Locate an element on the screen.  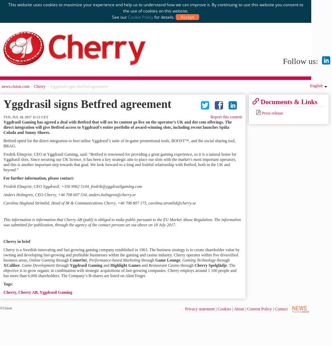
'Fredrik Elmqvist, CEO Yggdrasil, +356 9962 5104, fredrik@yggdrasilgaming.com' is located at coordinates (73, 186).